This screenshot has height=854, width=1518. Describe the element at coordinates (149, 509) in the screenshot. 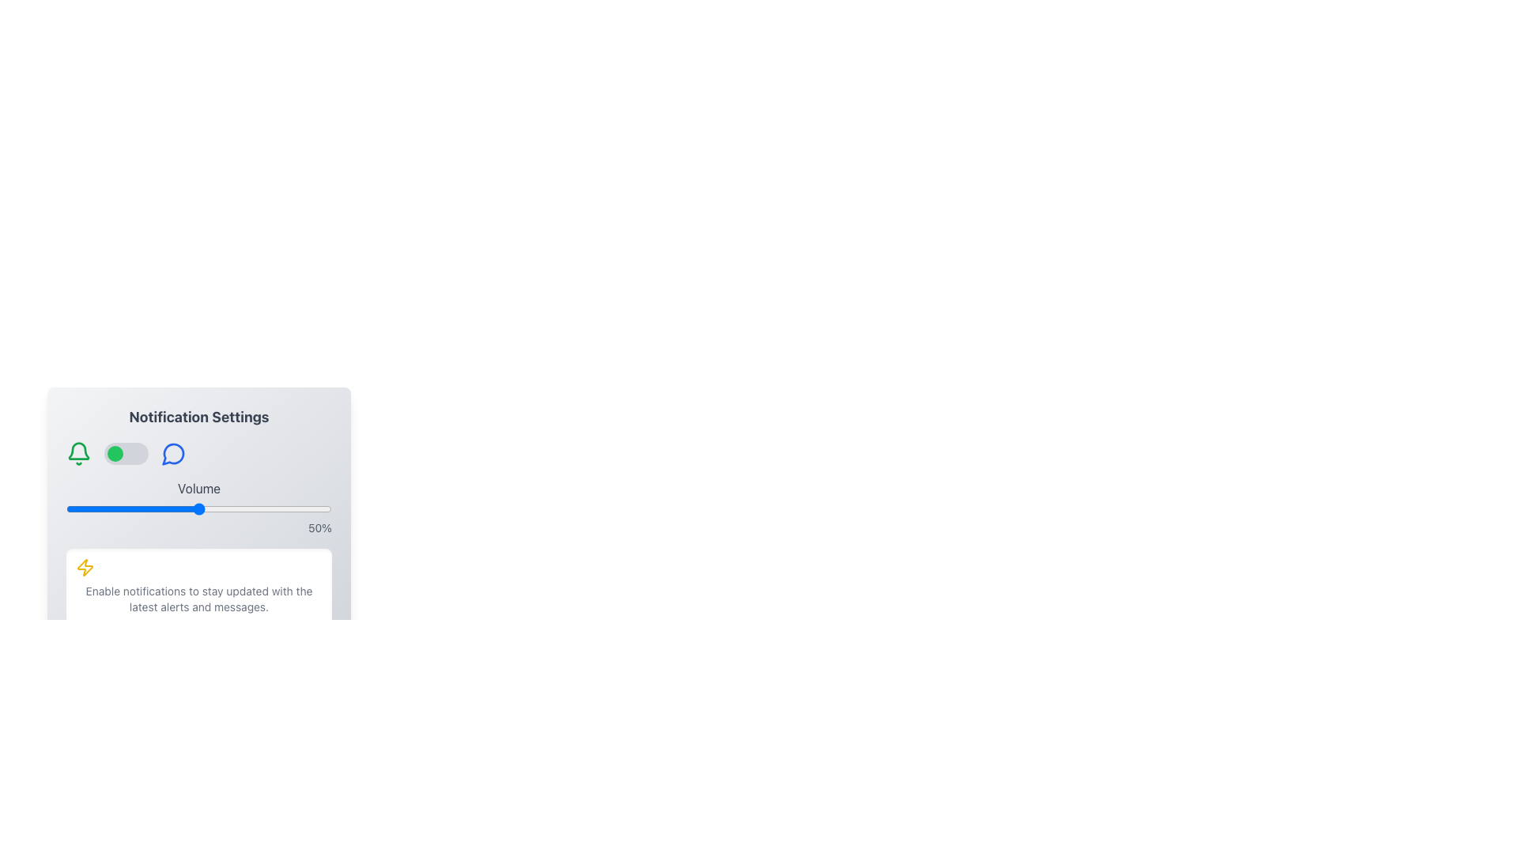

I see `the volume` at that location.